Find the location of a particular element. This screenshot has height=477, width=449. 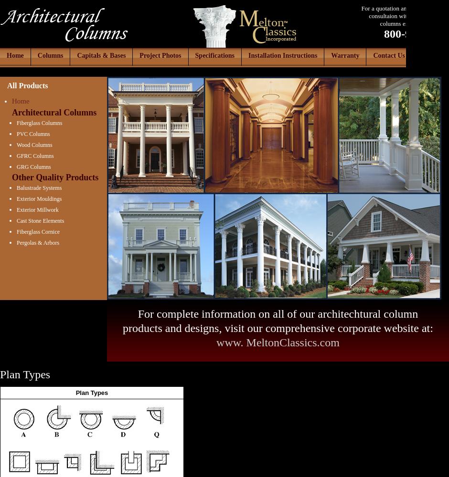

'Wood Columns' is located at coordinates (16, 145).